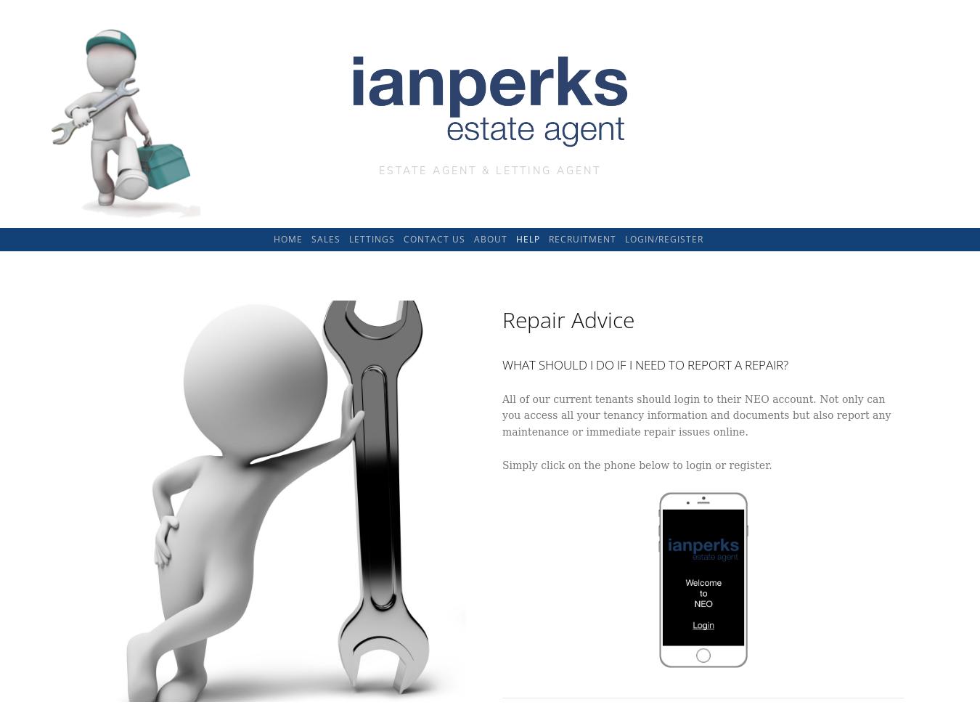 This screenshot has width=980, height=726. I want to click on 'Repair Advice', so click(568, 318).